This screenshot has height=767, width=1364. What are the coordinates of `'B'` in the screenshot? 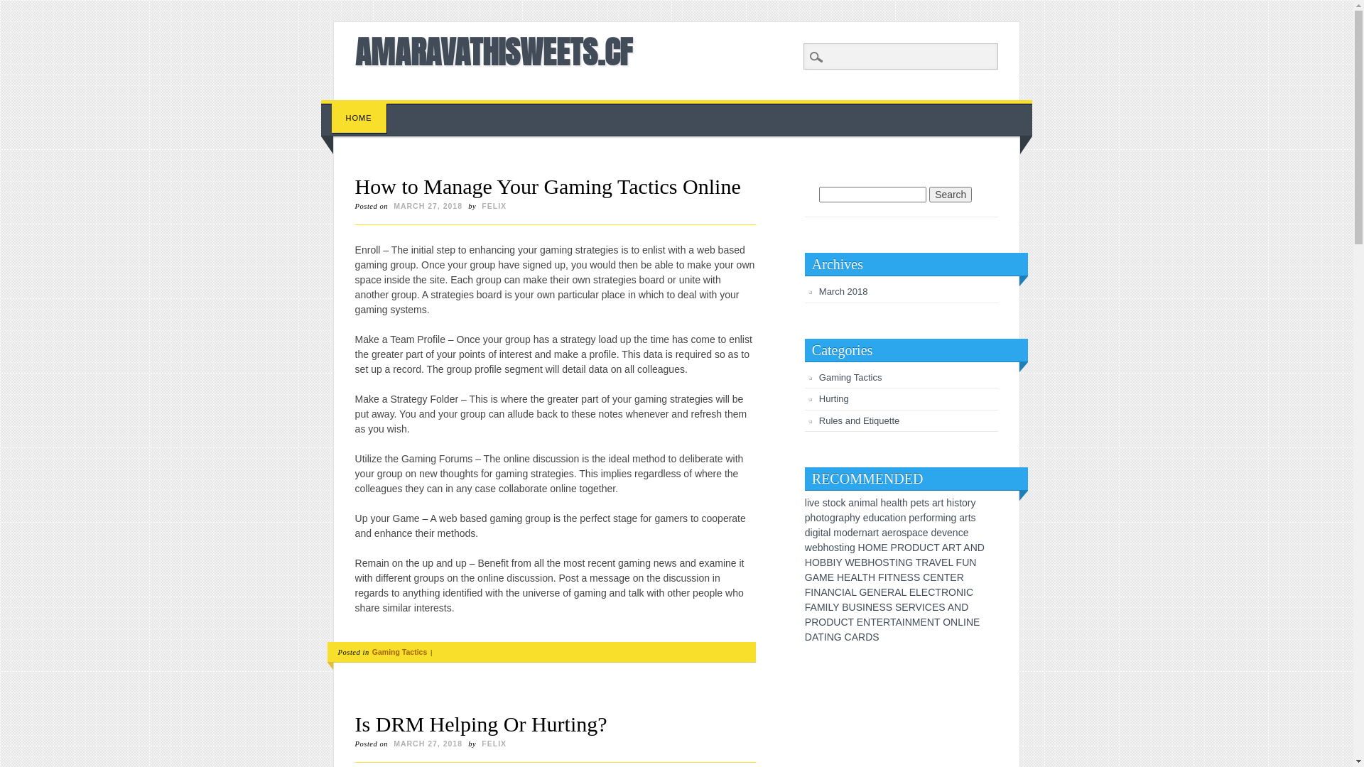 It's located at (829, 561).